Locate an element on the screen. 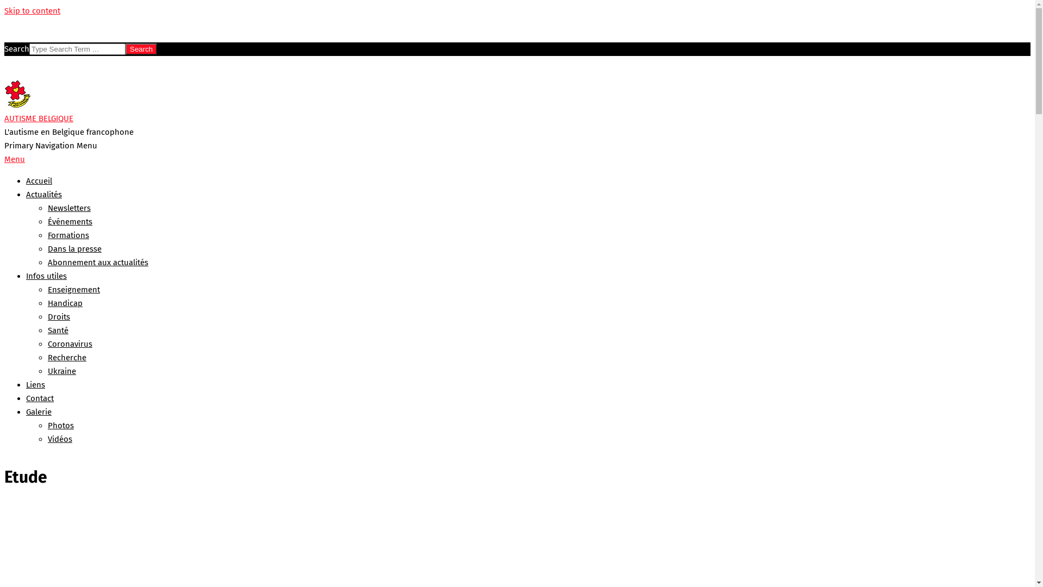  'Infos utiles' is located at coordinates (46, 276).